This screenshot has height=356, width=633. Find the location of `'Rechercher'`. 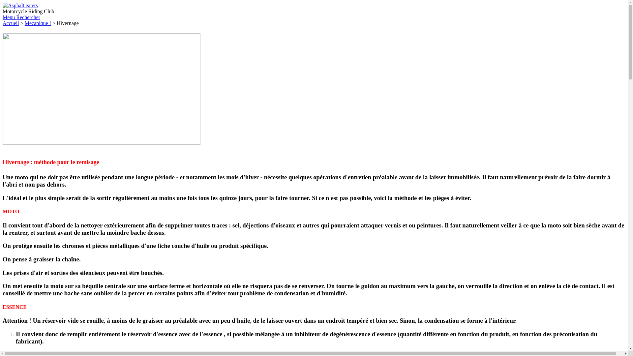

'Rechercher' is located at coordinates (16, 17).